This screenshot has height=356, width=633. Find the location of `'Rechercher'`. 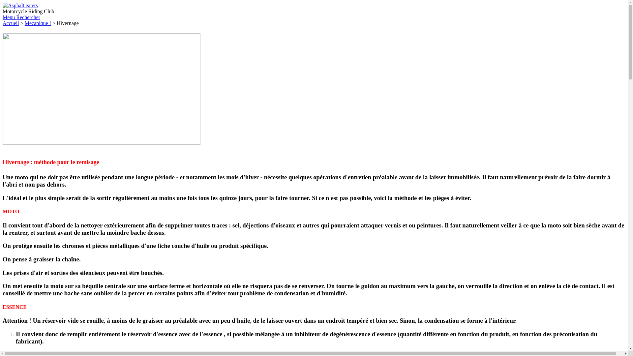

'Rechercher' is located at coordinates (16, 17).